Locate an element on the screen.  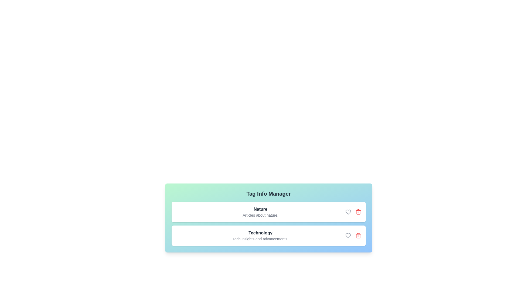
the description text of the tag 'Nature' to read its content is located at coordinates (260, 215).